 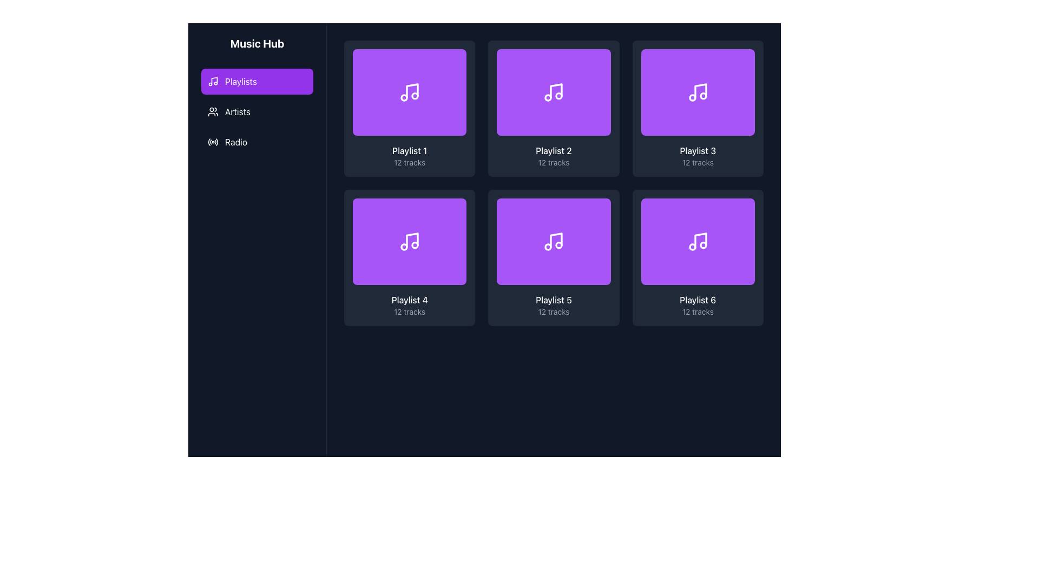 I want to click on the icon representing 'Playlist 4' in the second row, first column of the playlist grid, so click(x=412, y=240).